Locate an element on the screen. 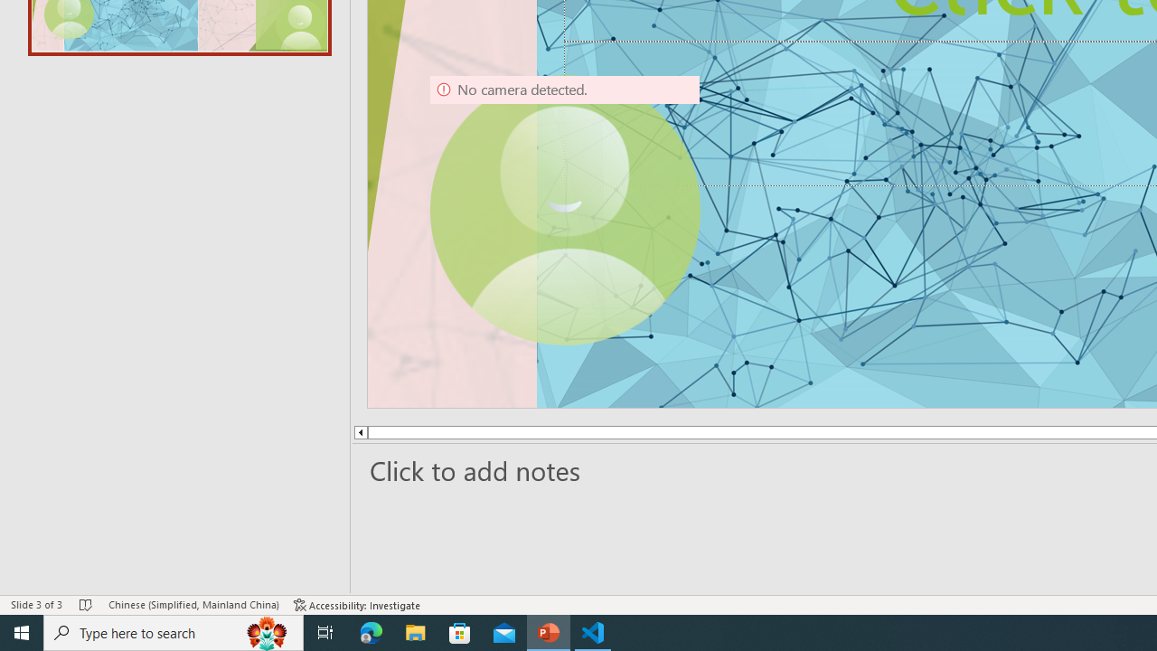 This screenshot has width=1157, height=651. 'Camera 9, No camera detected.' is located at coordinates (563, 209).